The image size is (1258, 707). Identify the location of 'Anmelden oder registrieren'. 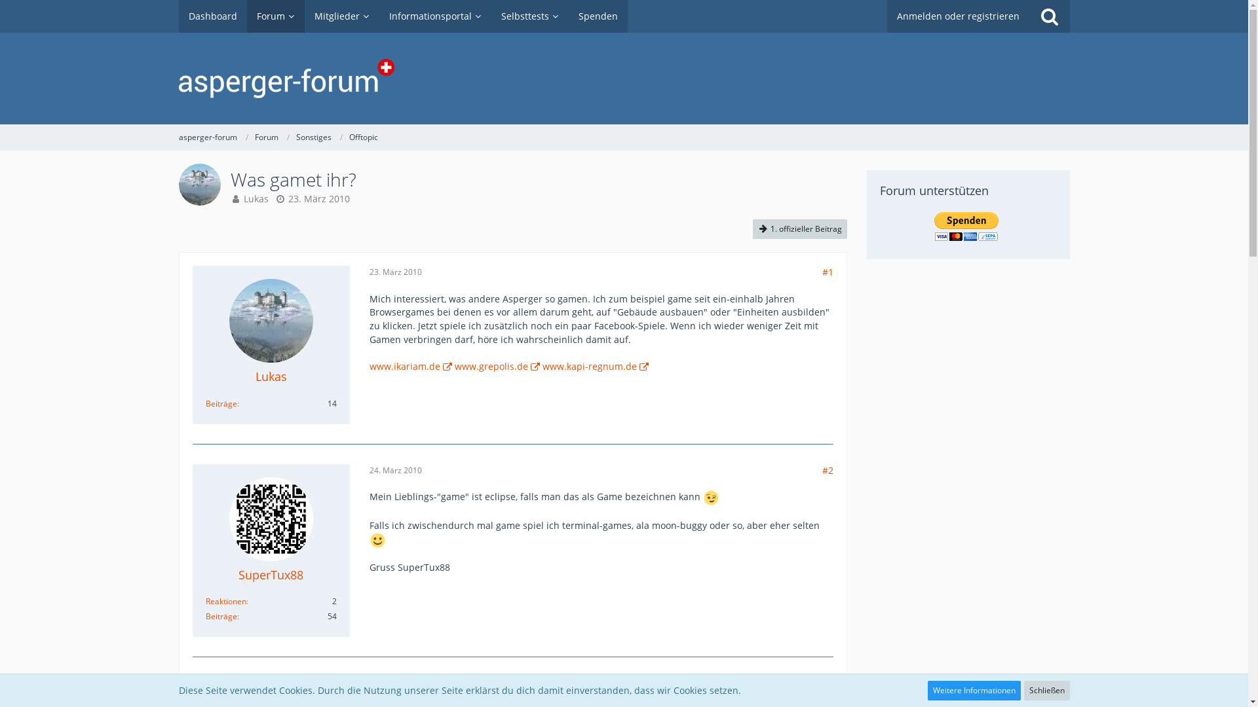
(886, 16).